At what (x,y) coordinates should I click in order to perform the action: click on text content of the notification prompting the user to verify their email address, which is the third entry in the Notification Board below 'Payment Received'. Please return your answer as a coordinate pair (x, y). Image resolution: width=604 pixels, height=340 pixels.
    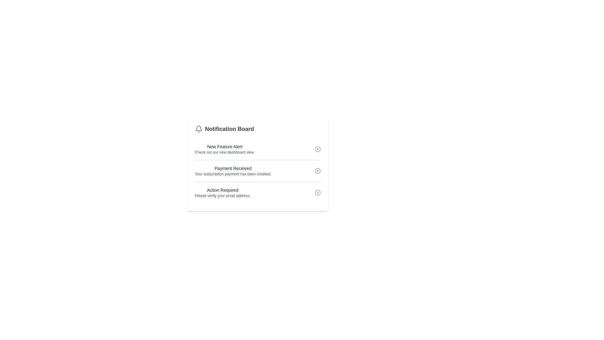
    Looking at the image, I should click on (222, 192).